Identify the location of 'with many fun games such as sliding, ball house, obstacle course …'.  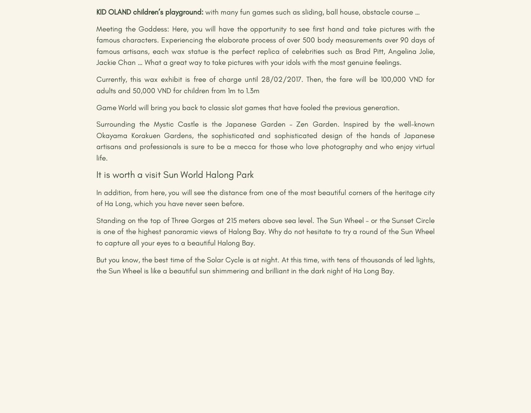
(312, 12).